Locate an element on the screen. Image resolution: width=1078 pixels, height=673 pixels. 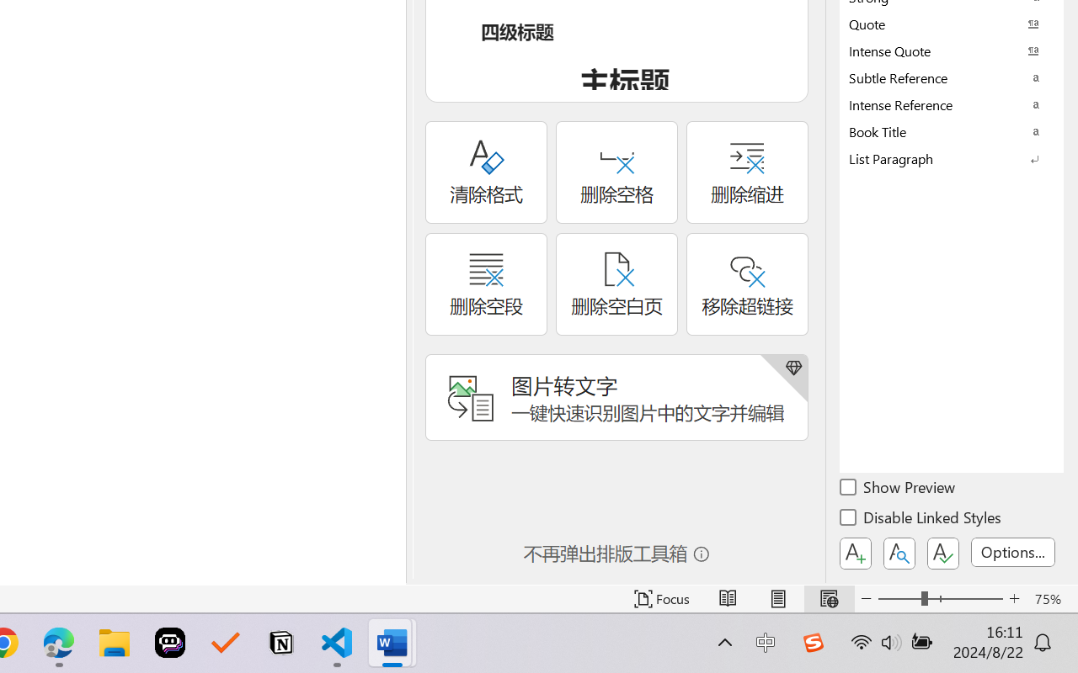
'Options...' is located at coordinates (1012, 551).